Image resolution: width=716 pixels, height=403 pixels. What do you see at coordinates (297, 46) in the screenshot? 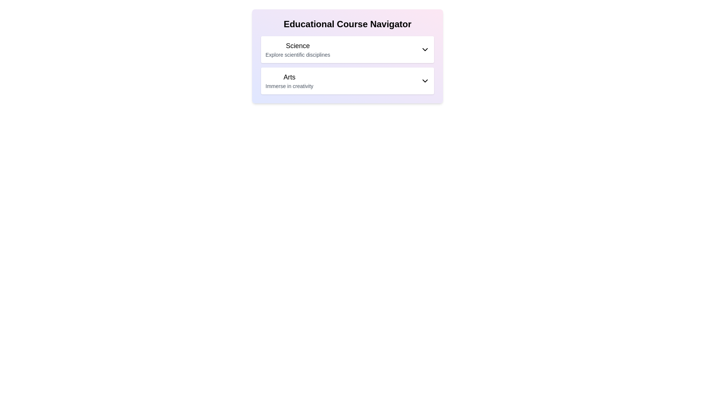
I see `text content of the bold 'Science' title label located above the description 'Explore scientific disciplines' in the Educational Course Navigator section` at bounding box center [297, 46].